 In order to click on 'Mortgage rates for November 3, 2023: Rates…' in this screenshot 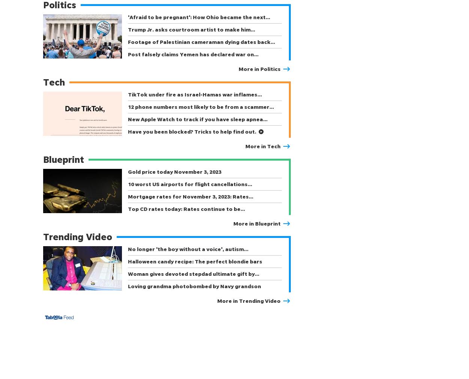, I will do `click(128, 196)`.